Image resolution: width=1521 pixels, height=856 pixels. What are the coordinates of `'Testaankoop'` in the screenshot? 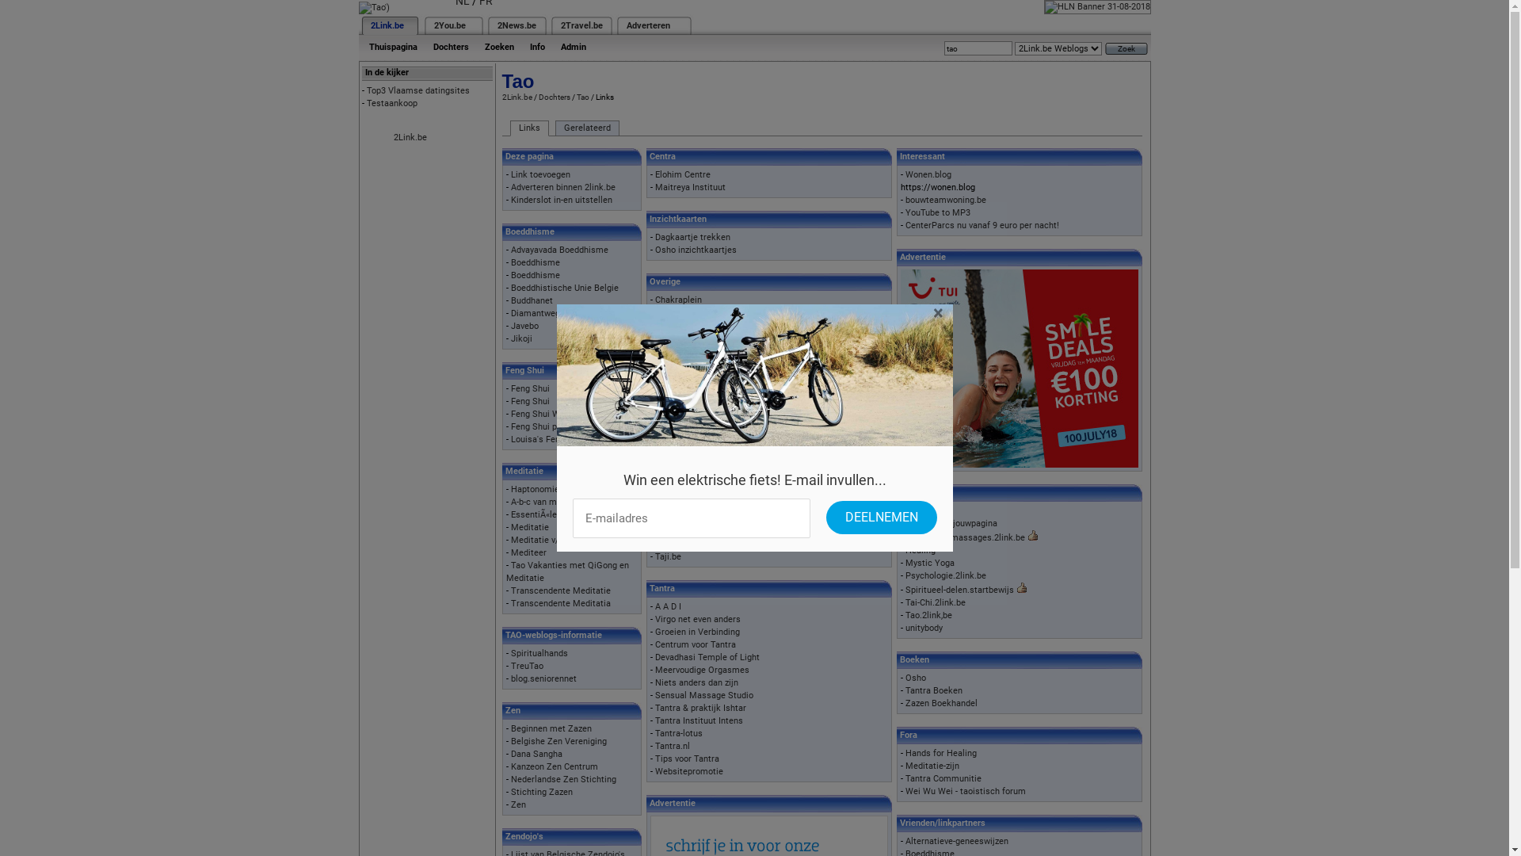 It's located at (391, 103).